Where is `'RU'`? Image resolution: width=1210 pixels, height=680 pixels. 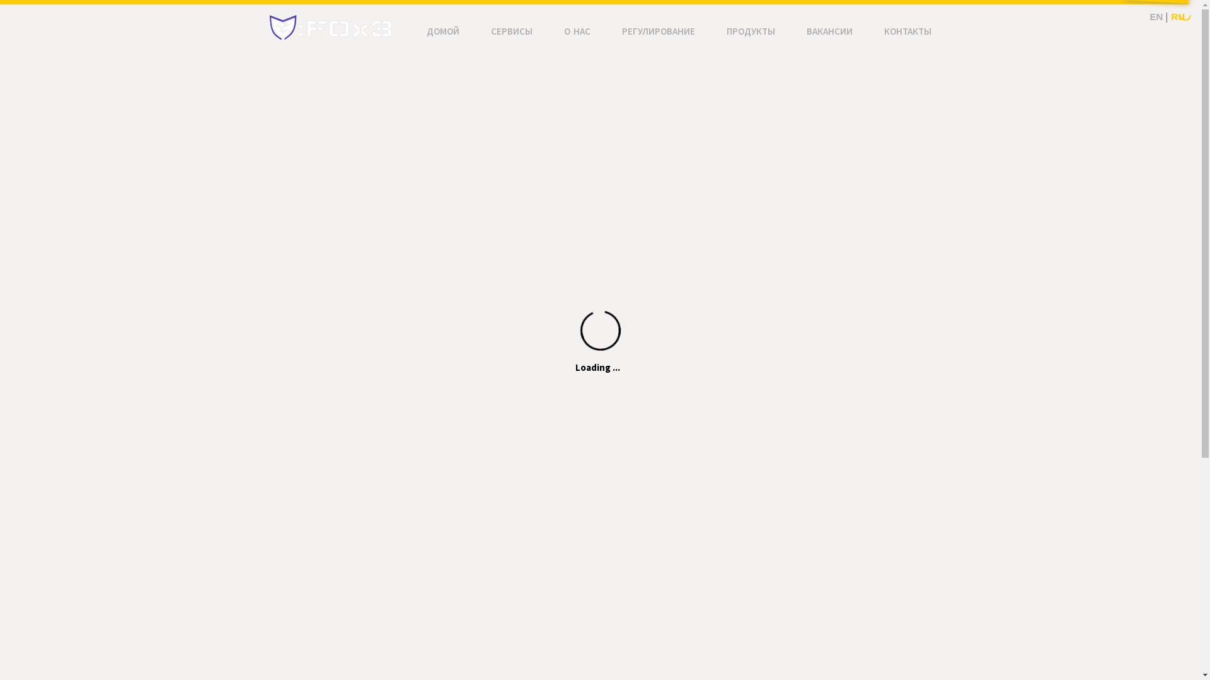 'RU' is located at coordinates (1170, 16).